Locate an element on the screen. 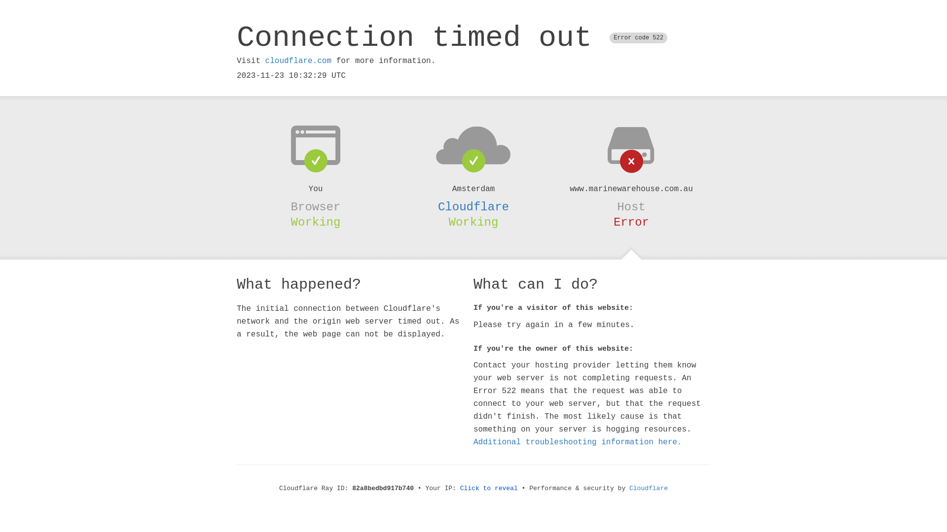 The image size is (947, 532). 'Cloudflare' is located at coordinates (437, 206).